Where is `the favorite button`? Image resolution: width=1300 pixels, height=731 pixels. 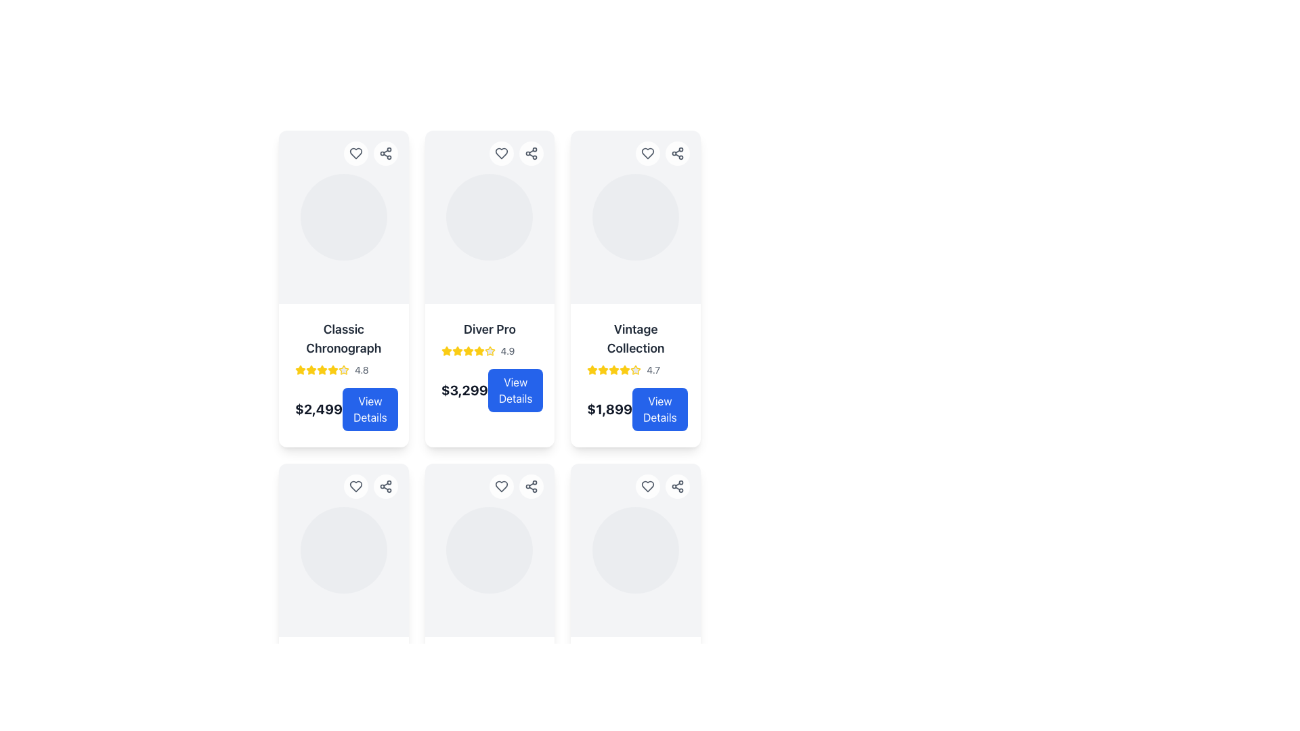
the favorite button is located at coordinates (647, 153).